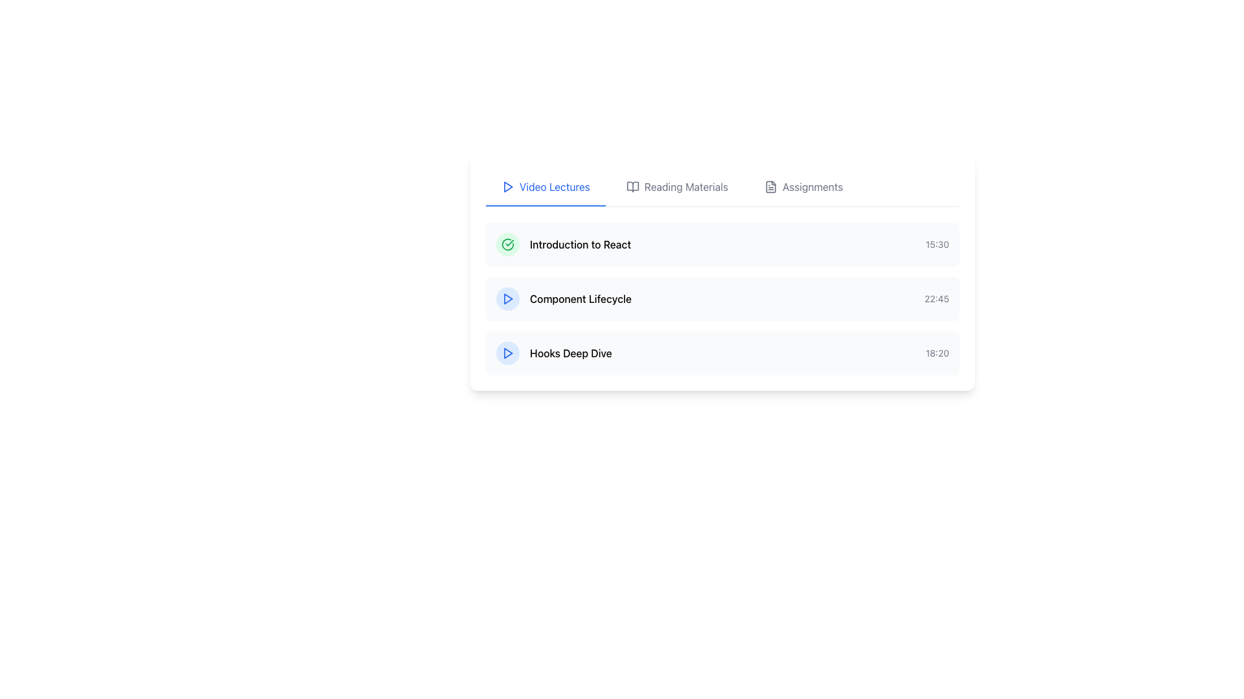 The height and width of the screenshot is (699, 1244). I want to click on the open book icon associated with the 'Reading Materials' tab to read its context, so click(632, 187).